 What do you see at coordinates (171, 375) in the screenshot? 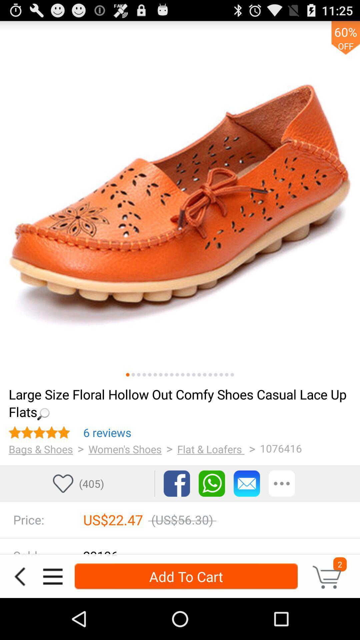
I see `the item above loading...` at bounding box center [171, 375].